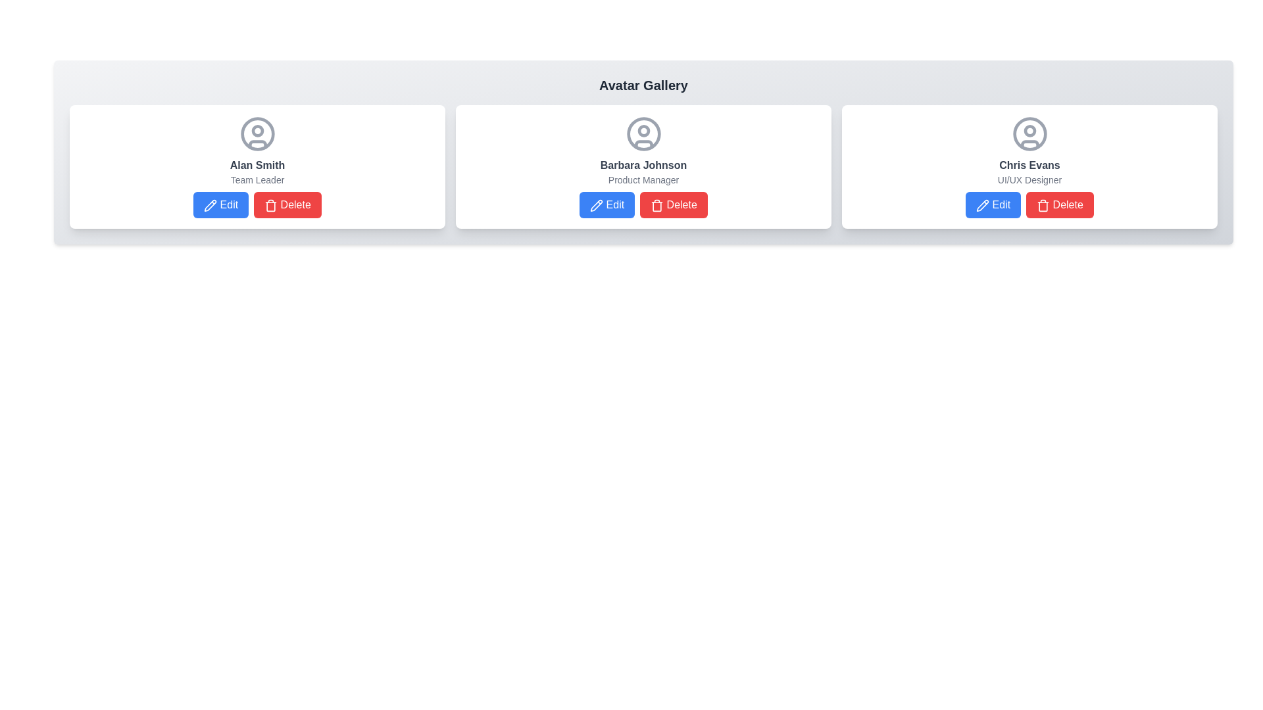 The image size is (1263, 710). I want to click on the Avatar Icon which is a circular figure with a gray outline and white fill located at the top center of the card labeled 'Chris Evans', so click(1029, 134).